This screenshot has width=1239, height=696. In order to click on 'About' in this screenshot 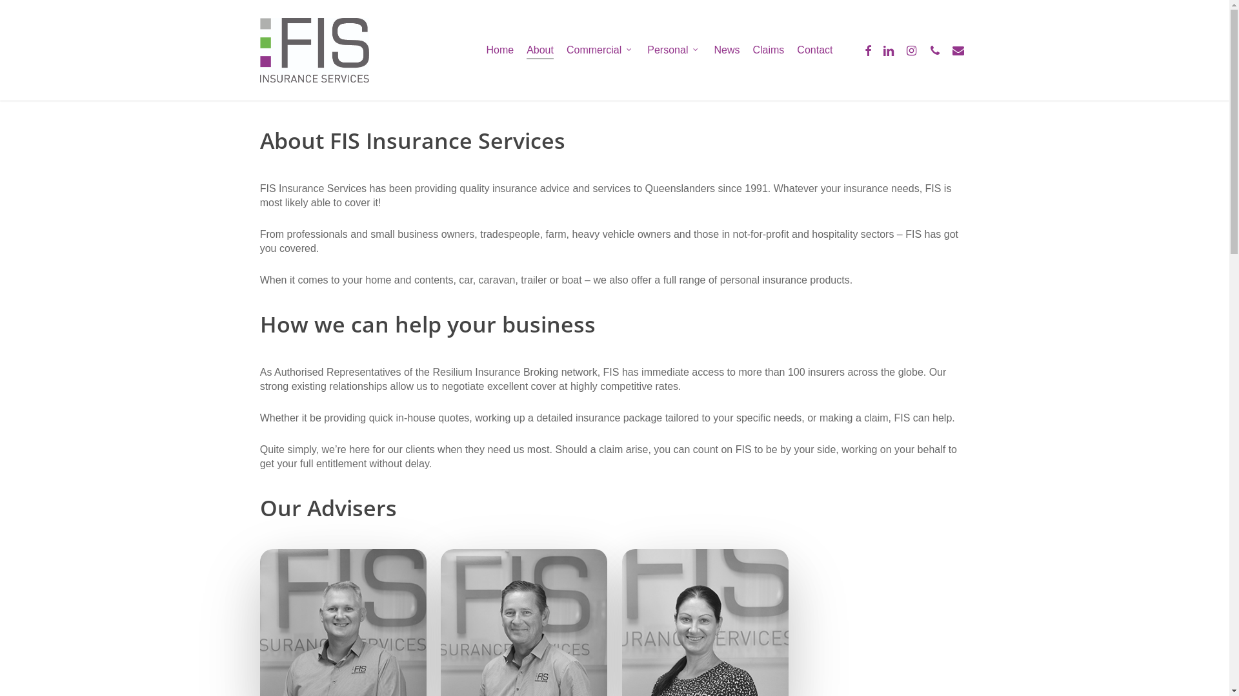, I will do `click(539, 49)`.